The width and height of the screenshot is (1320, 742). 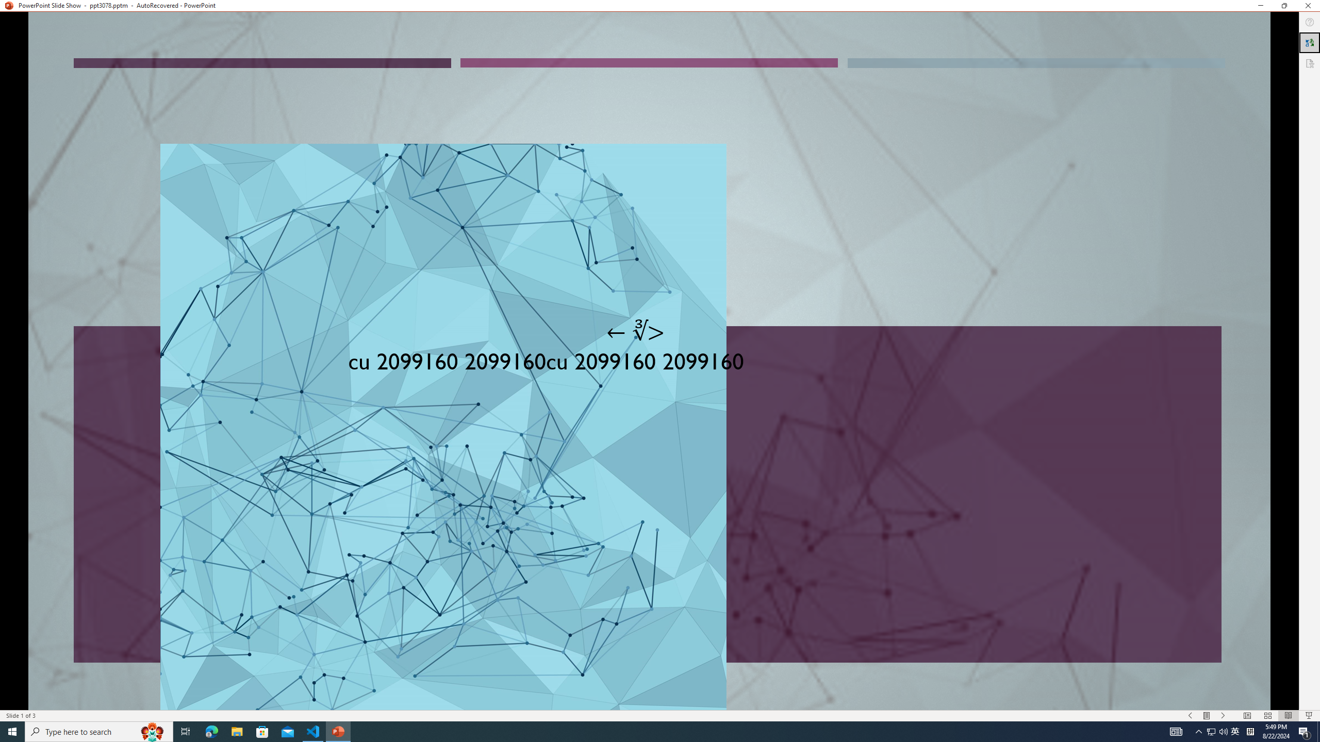 I want to click on 'Slide Show Next On', so click(x=1223, y=716).